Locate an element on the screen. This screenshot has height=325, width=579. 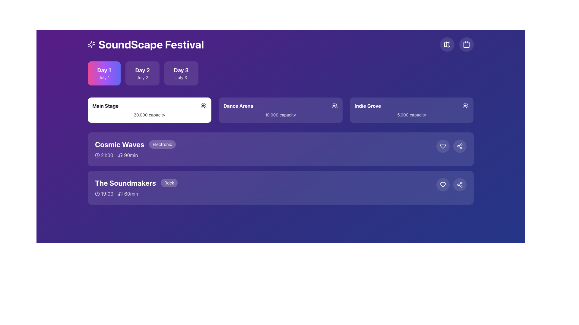
the icon representing group or users in the 'Indie Grove' section is located at coordinates (465, 105).